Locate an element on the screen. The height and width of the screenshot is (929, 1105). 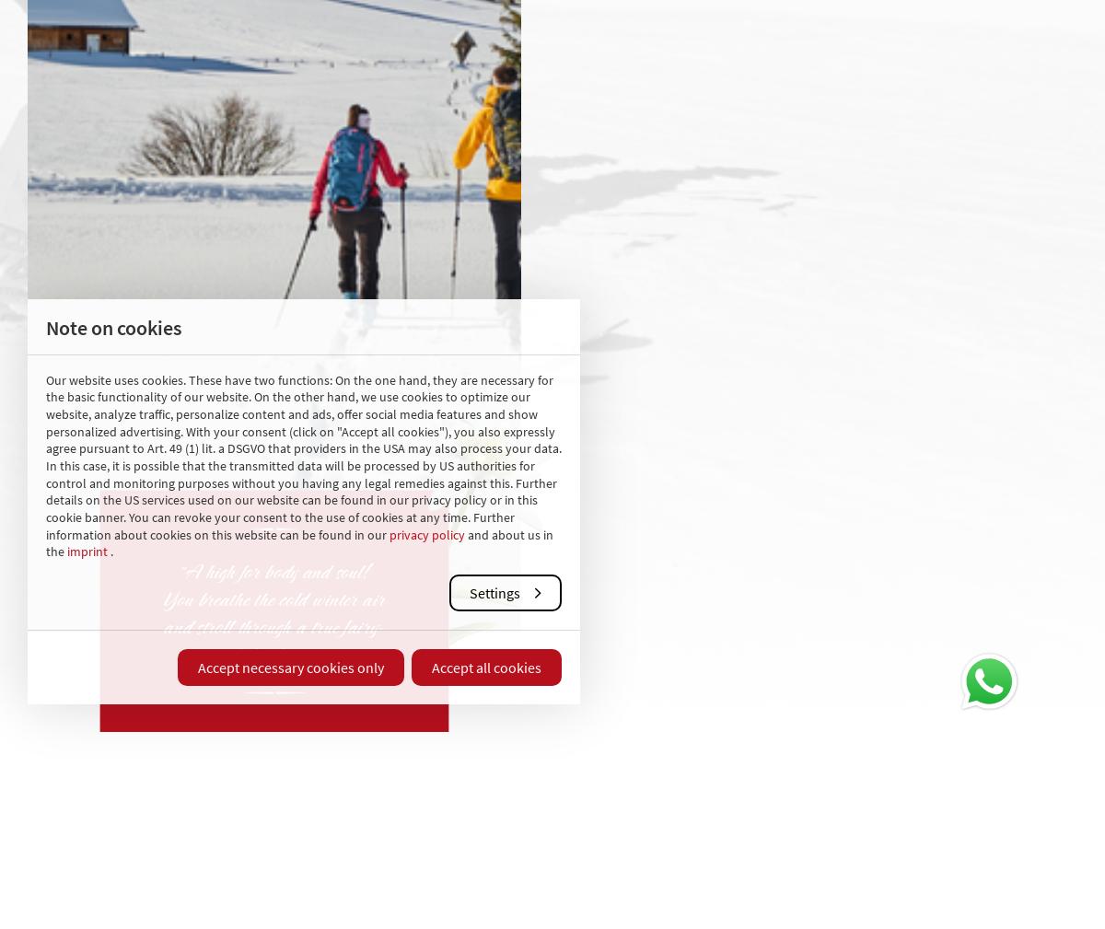
'Your Lungau' is located at coordinates (392, 727).